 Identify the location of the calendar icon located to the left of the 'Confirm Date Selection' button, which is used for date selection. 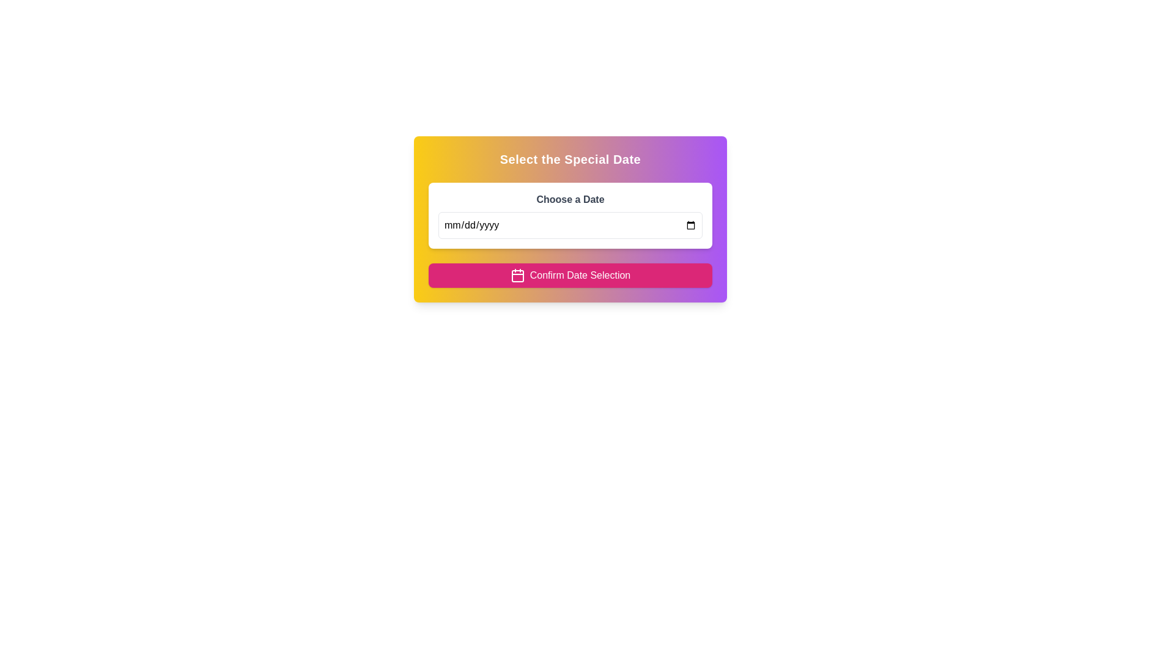
(517, 276).